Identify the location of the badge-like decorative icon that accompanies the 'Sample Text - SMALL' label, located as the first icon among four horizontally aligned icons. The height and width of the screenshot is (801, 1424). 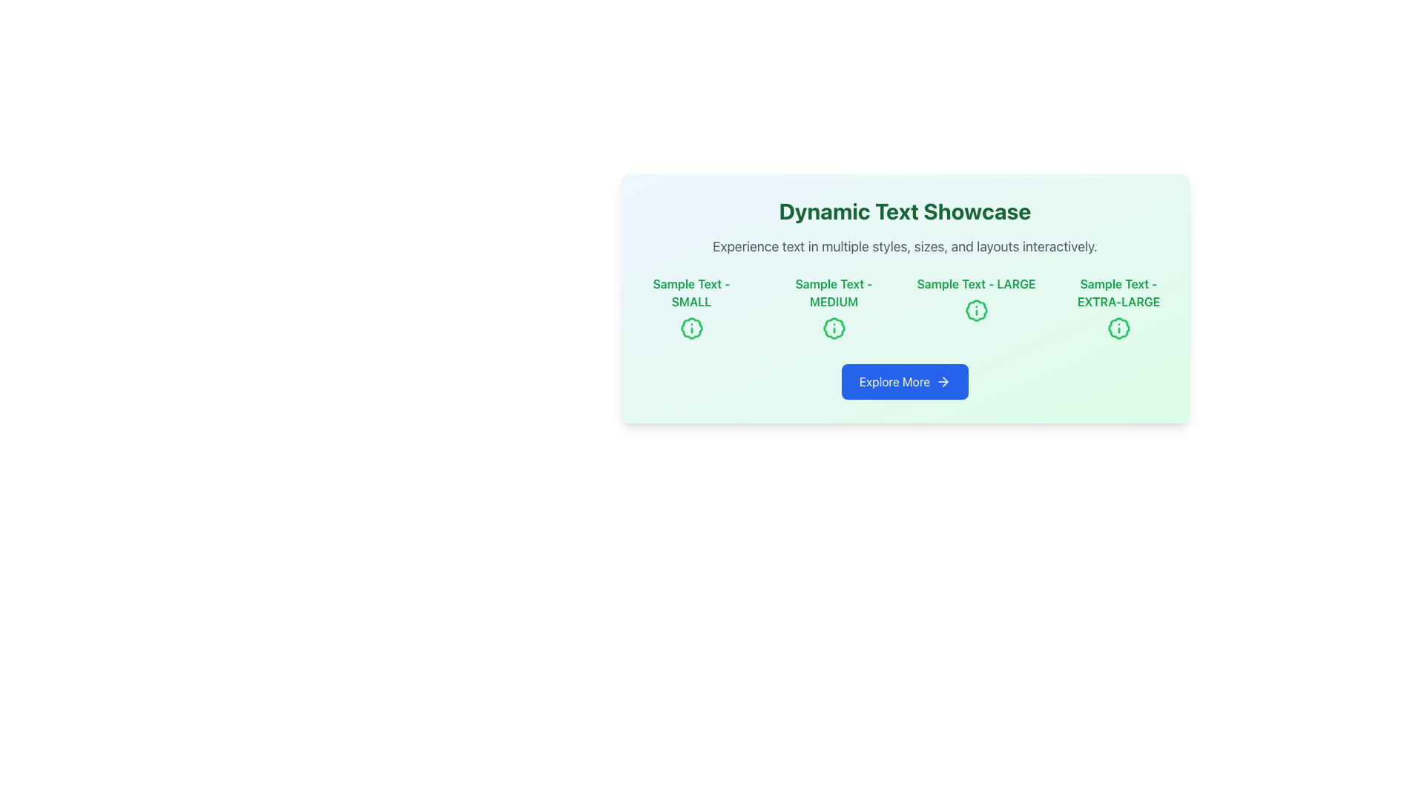
(690, 328).